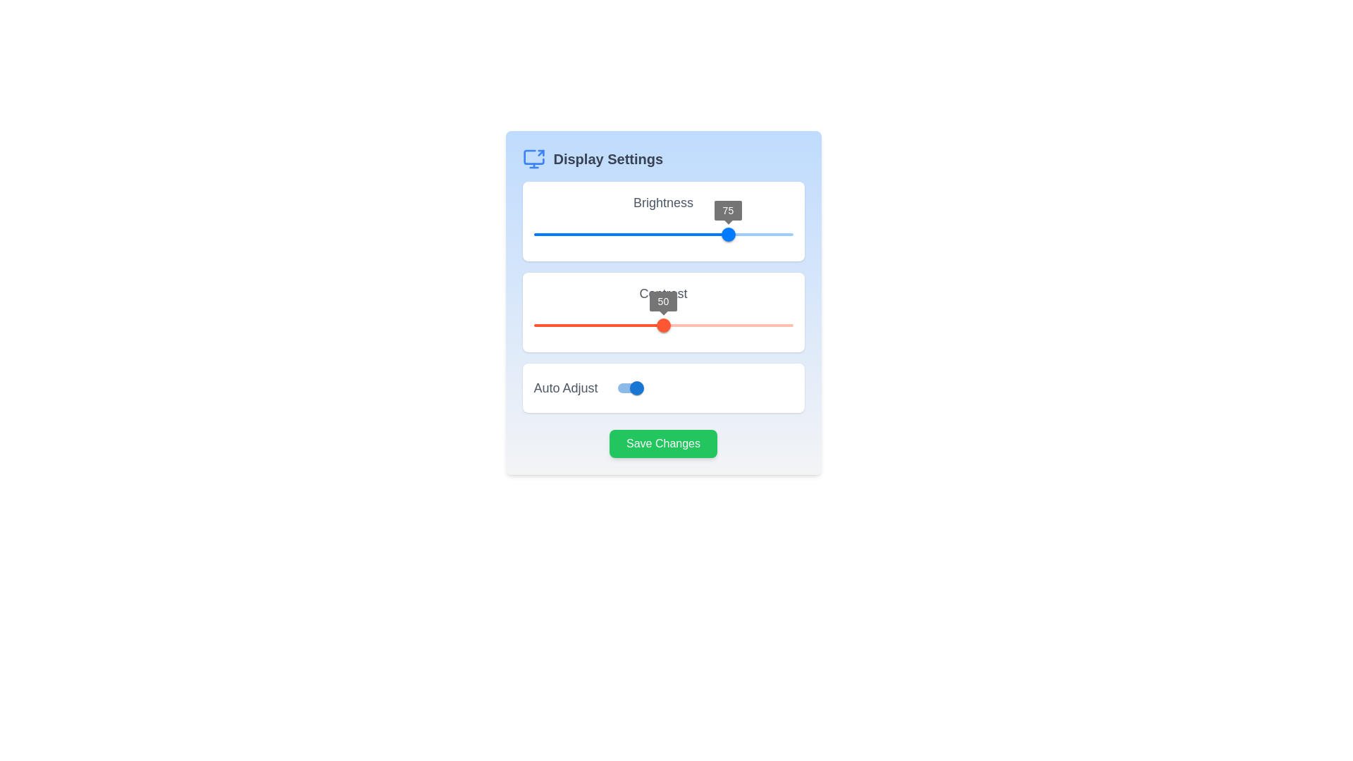  What do you see at coordinates (662, 301) in the screenshot?
I see `value displayed in the gray rectangular tooltip showing the number 50, located above the red slider thumb in the 'Contrast' adjustment section` at bounding box center [662, 301].